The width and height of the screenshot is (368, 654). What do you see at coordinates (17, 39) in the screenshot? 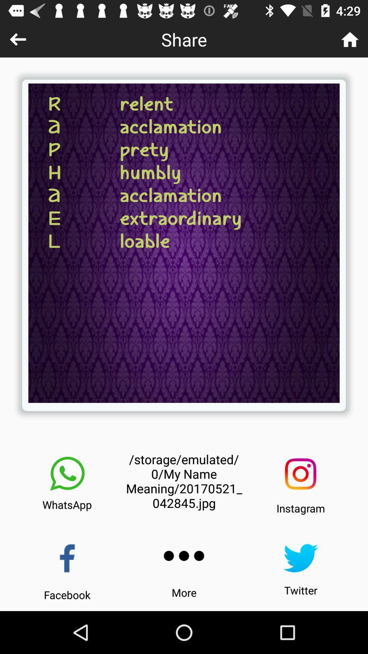
I see `previous screen` at bounding box center [17, 39].